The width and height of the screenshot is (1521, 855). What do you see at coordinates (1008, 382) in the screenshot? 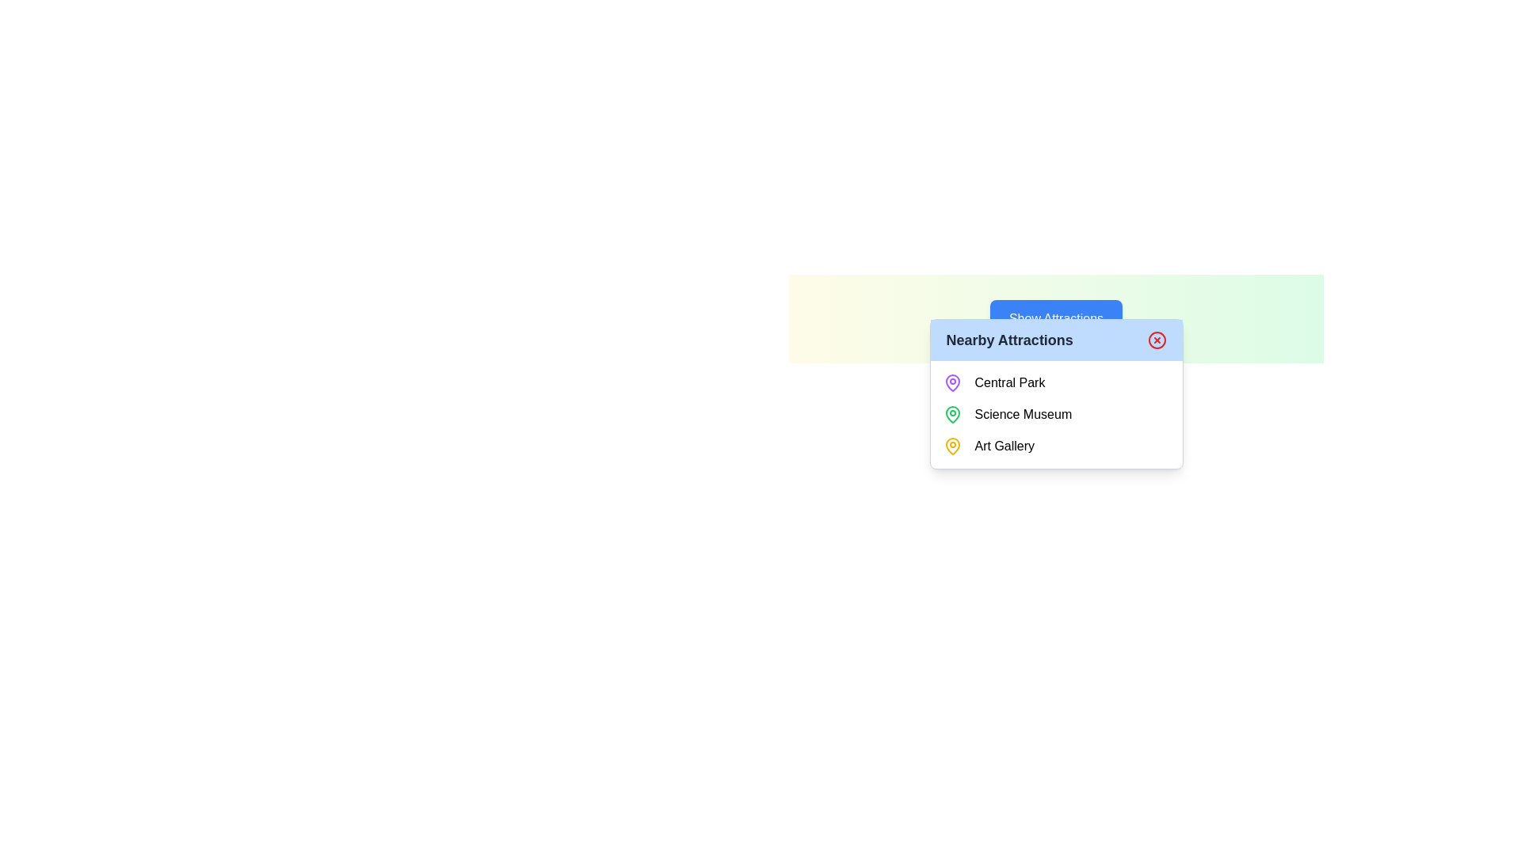
I see `text label for 'Central Park', which is the first item in the list of attractions in the tooltip or dialog box` at bounding box center [1008, 382].